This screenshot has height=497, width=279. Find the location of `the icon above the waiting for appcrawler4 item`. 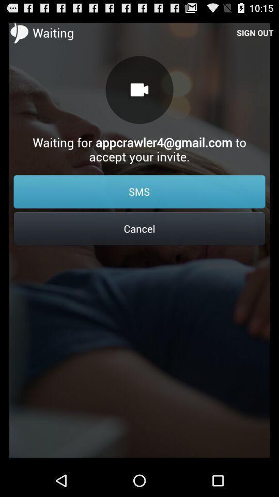

the icon above the waiting for appcrawler4 item is located at coordinates (254, 32).